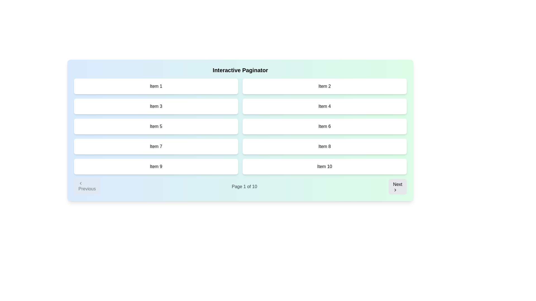 The image size is (536, 301). What do you see at coordinates (156, 127) in the screenshot?
I see `the Text label displaying 'Item 5', which is located in the fifth box of a vertically aligned list on the left side of the interface` at bounding box center [156, 127].